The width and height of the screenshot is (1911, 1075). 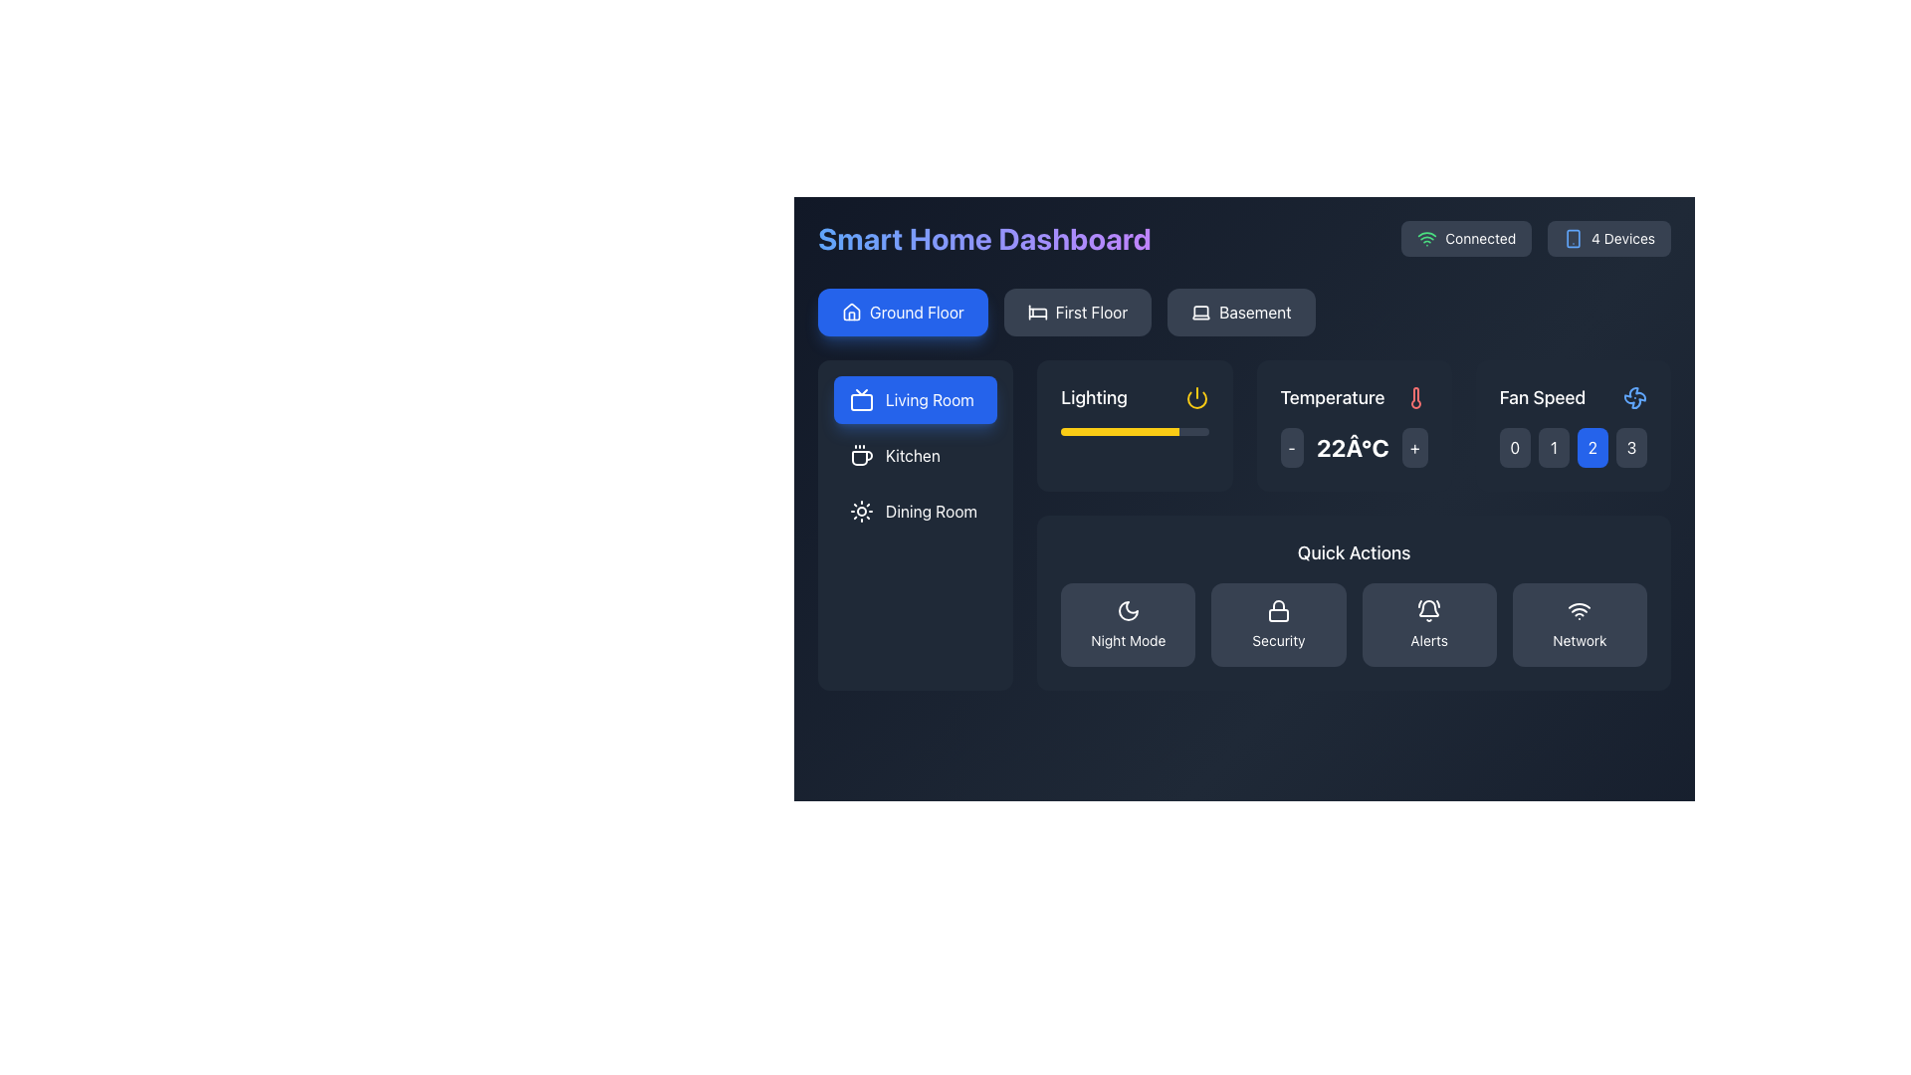 I want to click on the fan speed button labeled '2' for keyboard interaction, so click(x=1592, y=448).